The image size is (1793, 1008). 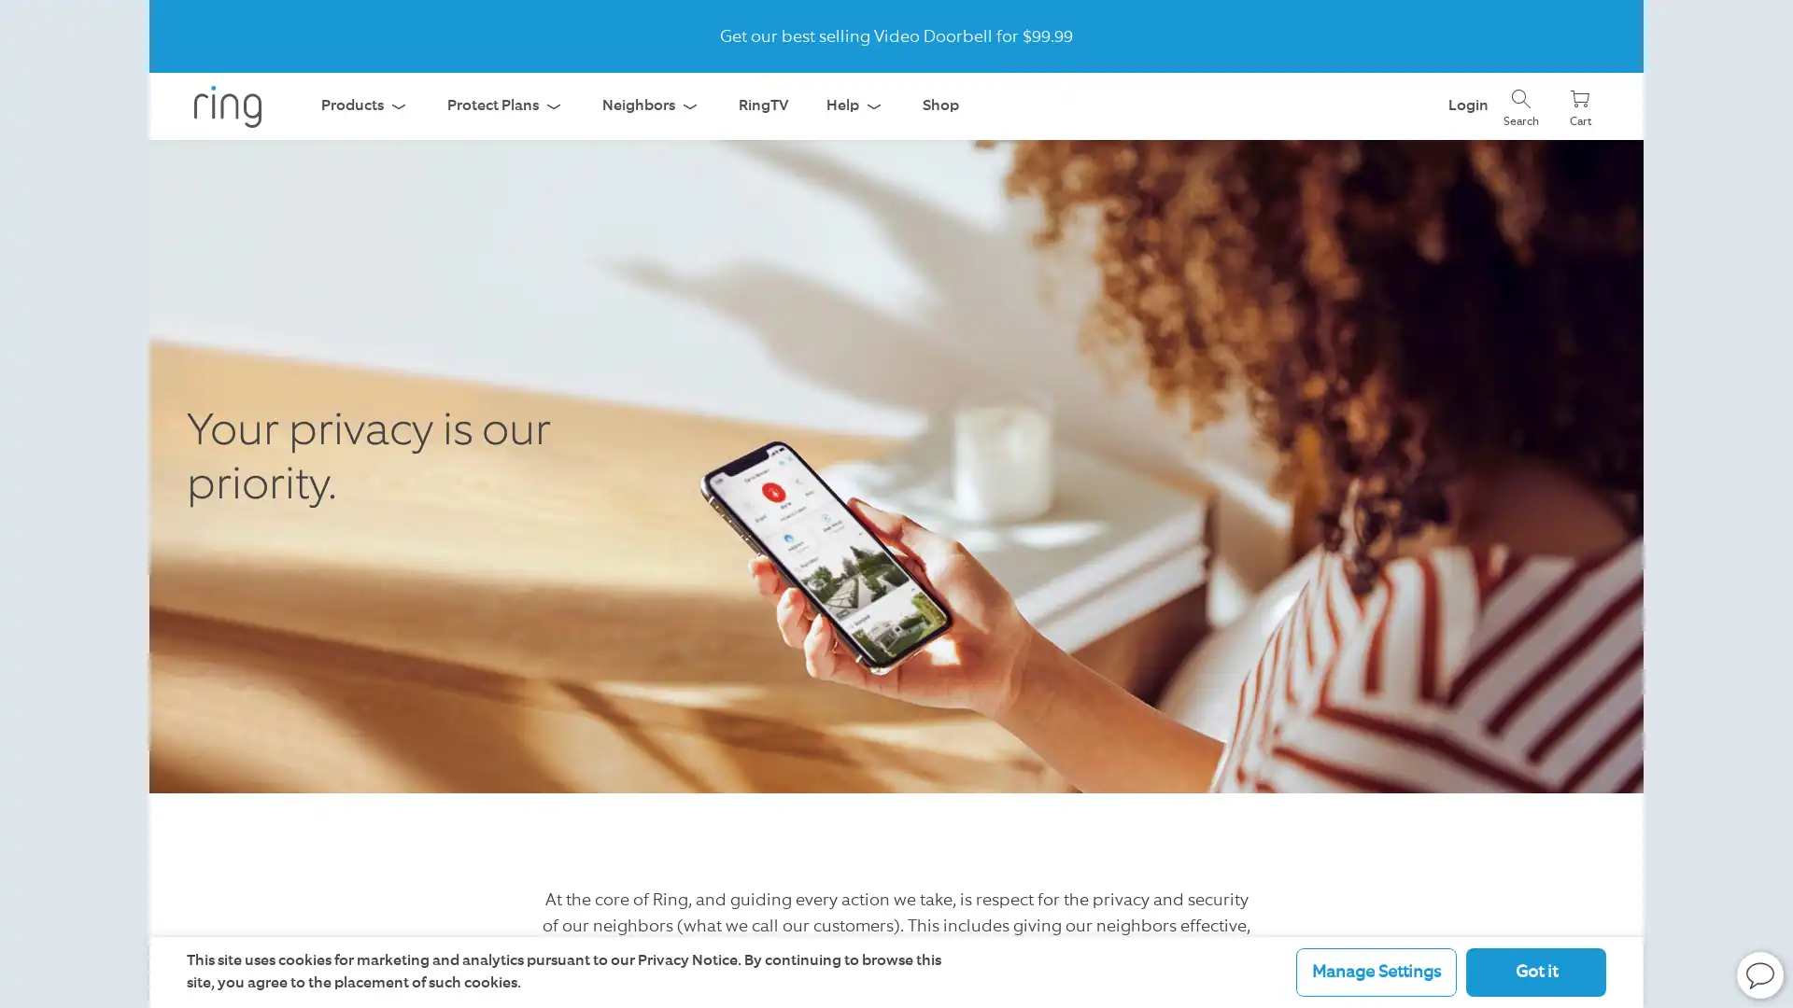 I want to click on Got it, so click(x=1536, y=971).